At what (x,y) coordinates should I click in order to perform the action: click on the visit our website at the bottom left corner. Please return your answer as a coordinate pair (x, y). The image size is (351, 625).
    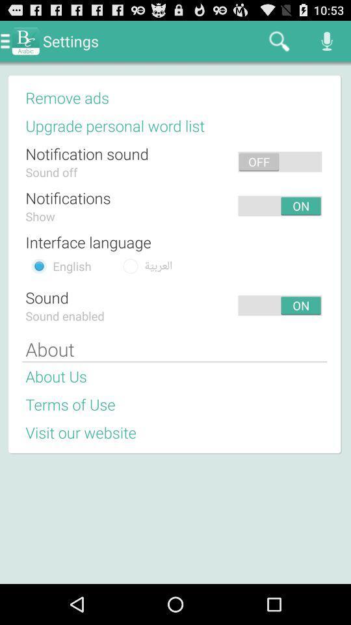
    Looking at the image, I should click on (81, 432).